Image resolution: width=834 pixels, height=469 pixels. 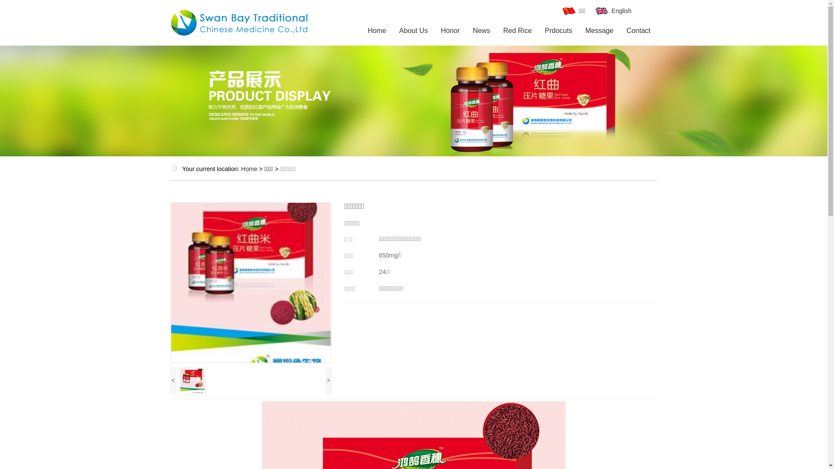 I want to click on 'Honor', so click(x=450, y=30).